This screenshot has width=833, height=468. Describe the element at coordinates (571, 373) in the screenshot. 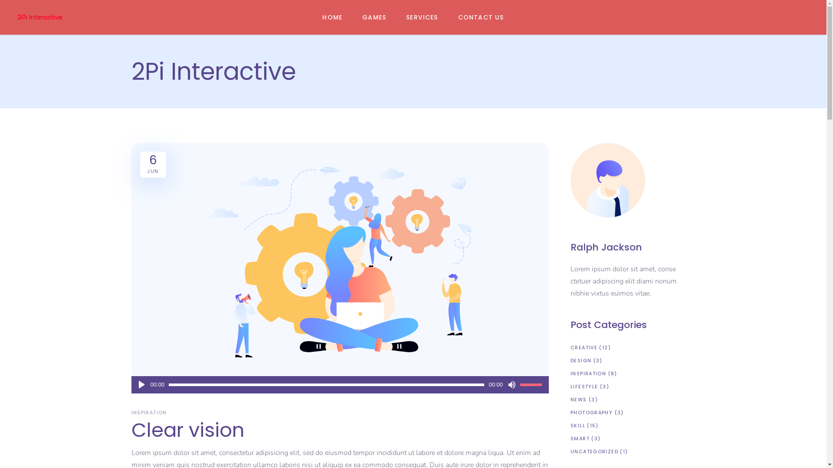

I see `'INSPIRATION'` at that location.